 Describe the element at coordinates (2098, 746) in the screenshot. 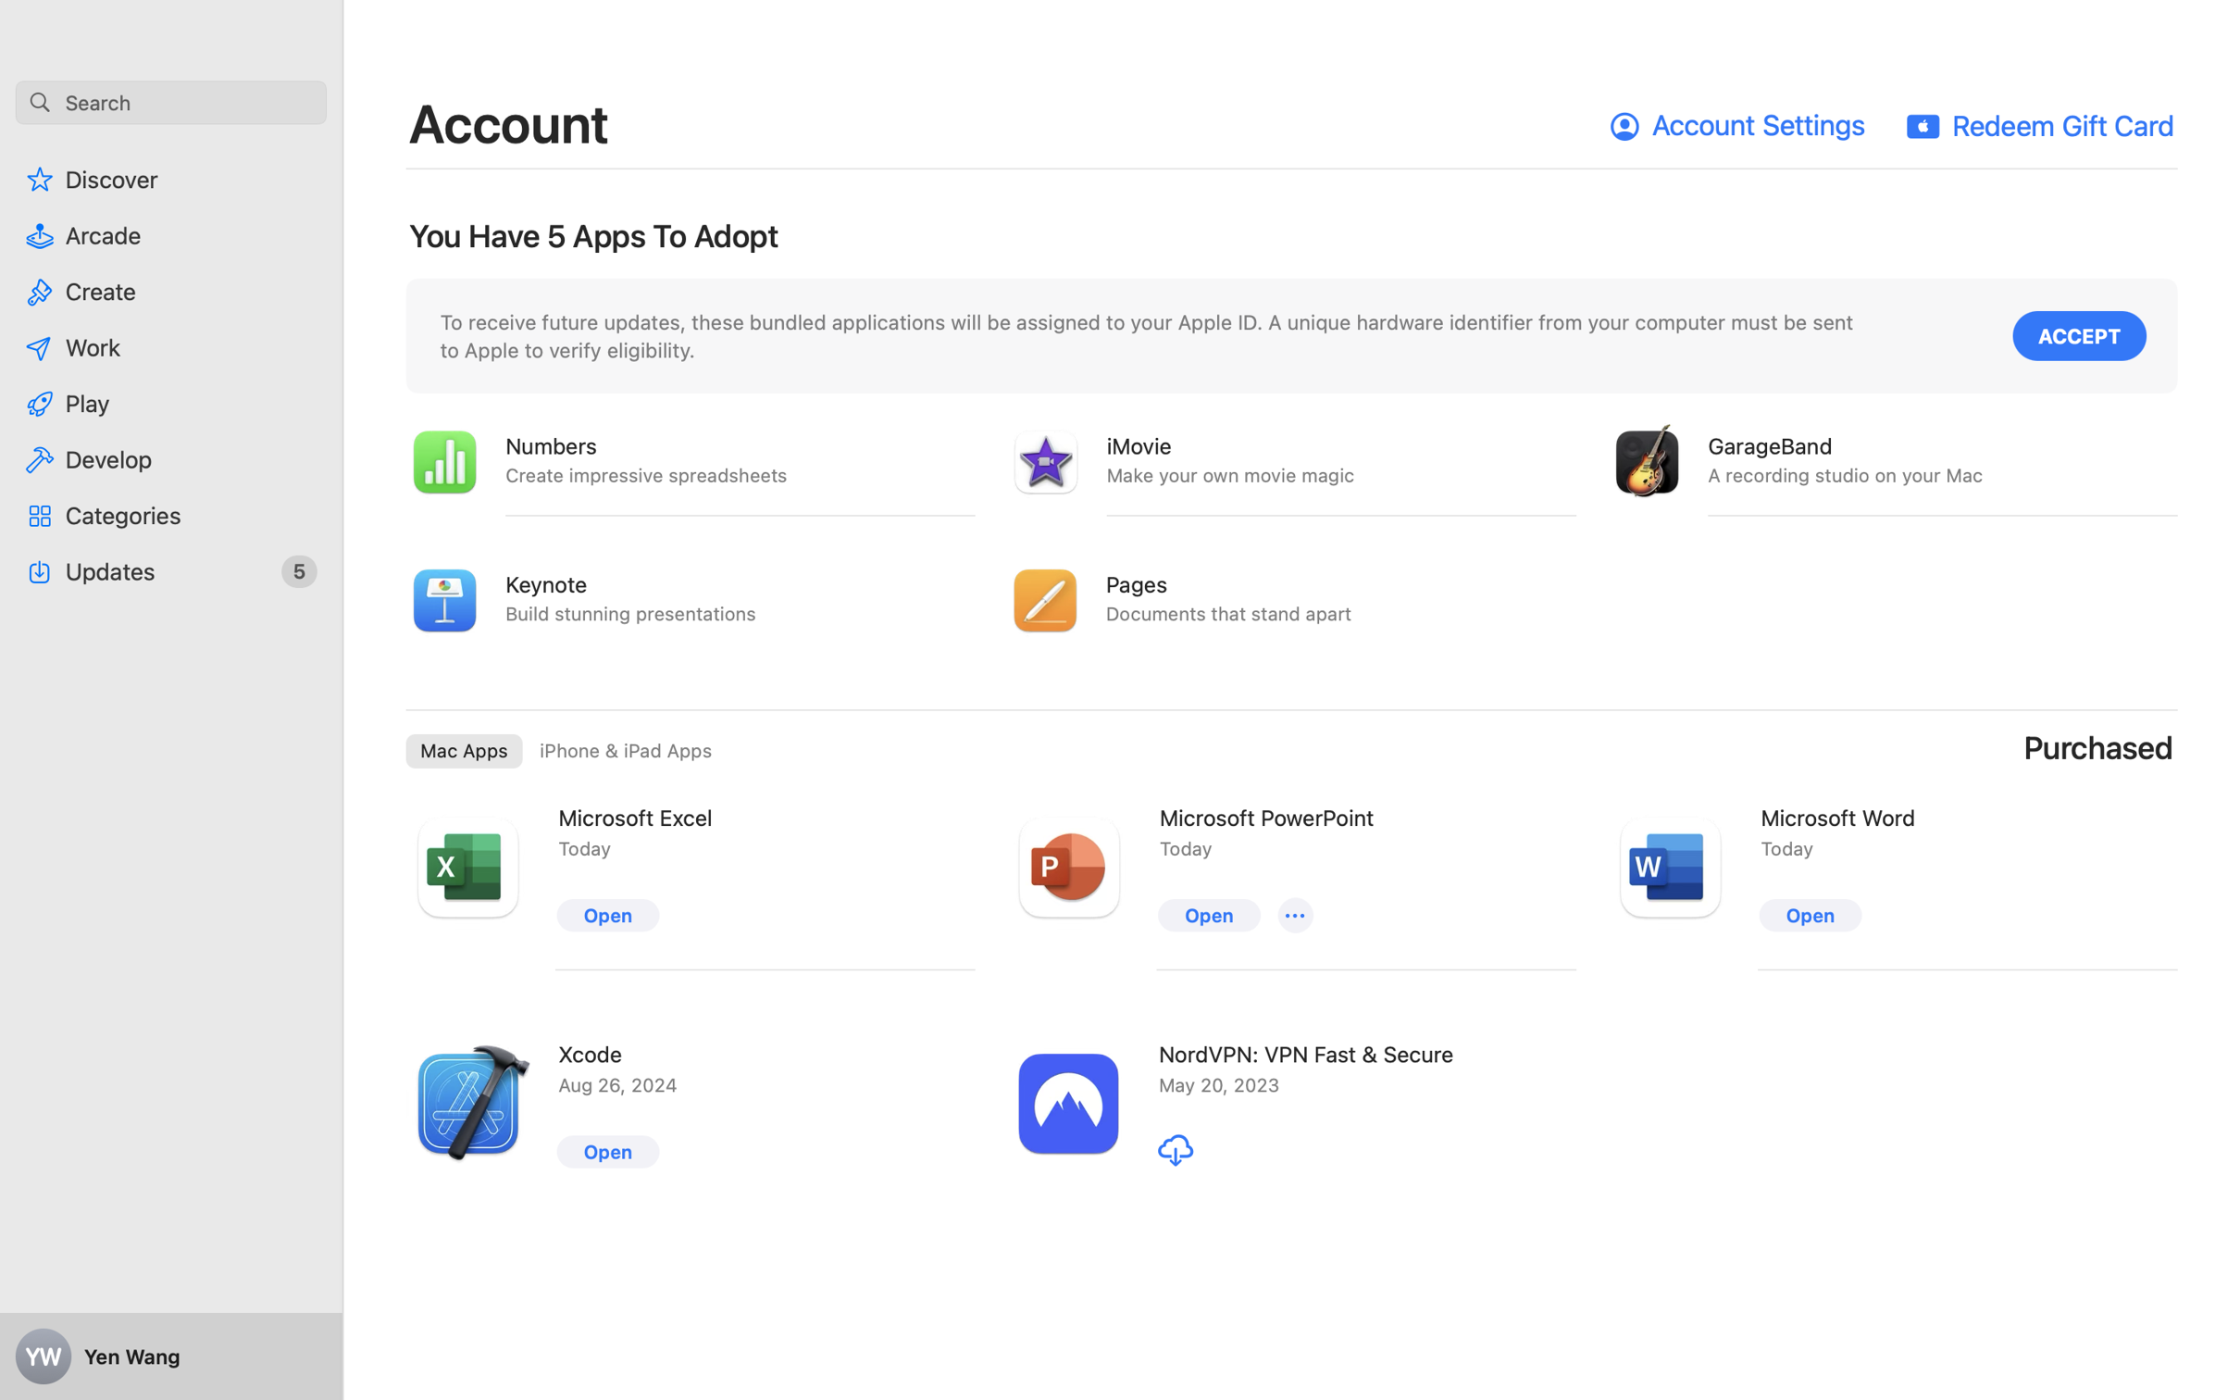

I see `'Purchased'` at that location.